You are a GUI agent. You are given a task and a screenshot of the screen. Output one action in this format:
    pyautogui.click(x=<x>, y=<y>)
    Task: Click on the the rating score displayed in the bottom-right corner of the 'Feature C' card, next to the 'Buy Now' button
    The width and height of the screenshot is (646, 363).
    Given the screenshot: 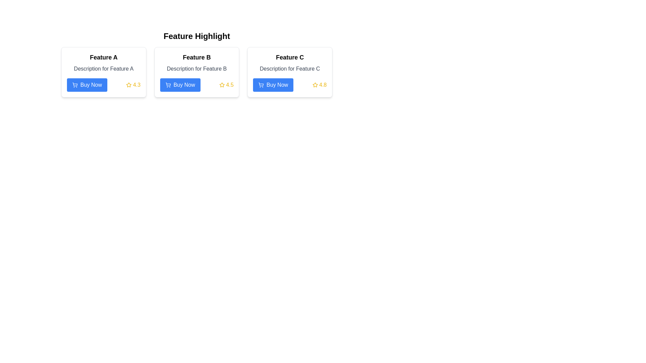 What is the action you would take?
    pyautogui.click(x=319, y=85)
    